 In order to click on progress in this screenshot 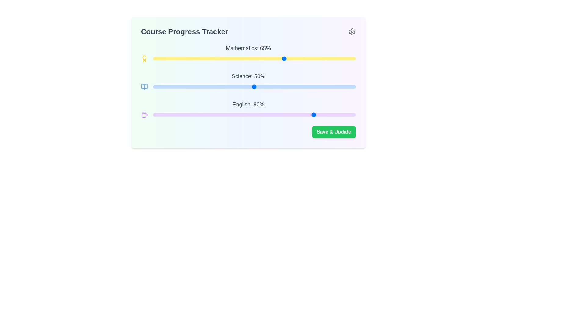, I will do `click(152, 87)`.